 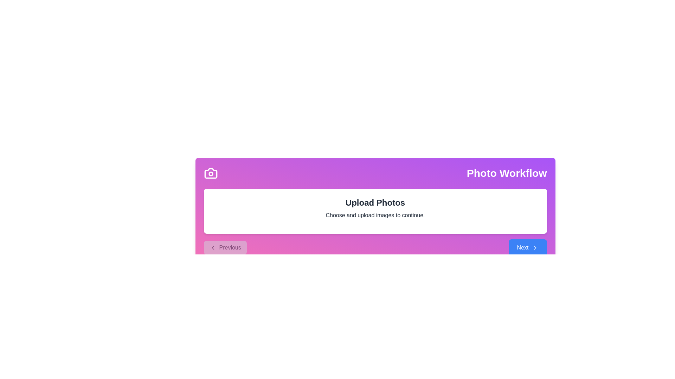 What do you see at coordinates (225, 247) in the screenshot?
I see `the 'Previous' button, which is a rectangular button with a left-facing chevron icon and the word 'Previous'` at bounding box center [225, 247].